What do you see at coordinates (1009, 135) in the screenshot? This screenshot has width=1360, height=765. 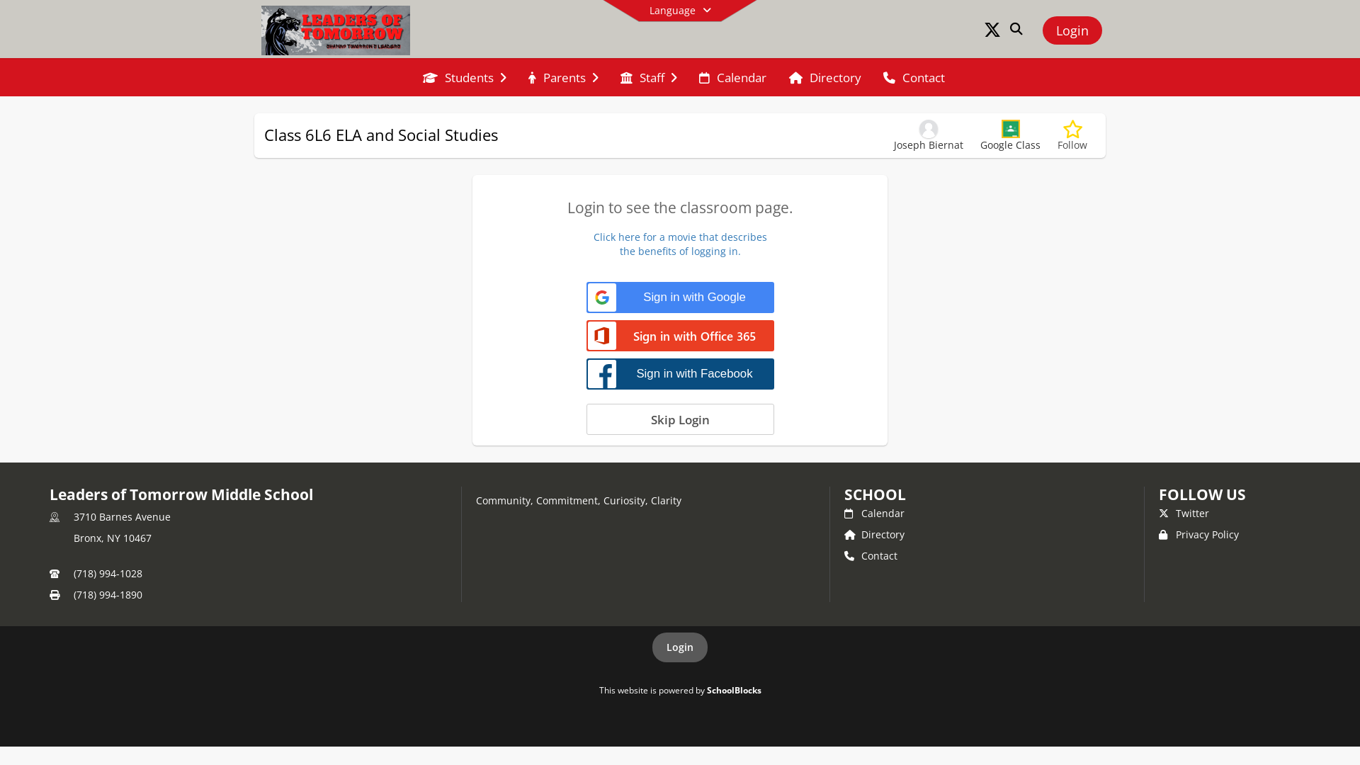 I see `'Google Class'` at bounding box center [1009, 135].